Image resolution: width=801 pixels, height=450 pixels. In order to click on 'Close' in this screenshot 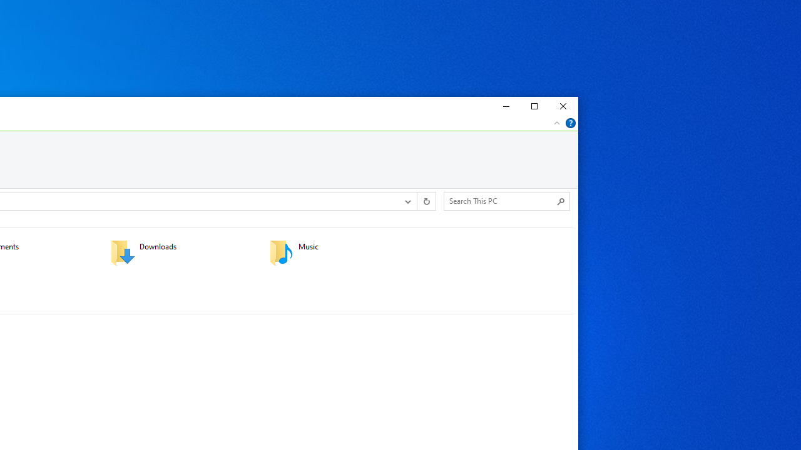, I will do `click(563, 106)`.